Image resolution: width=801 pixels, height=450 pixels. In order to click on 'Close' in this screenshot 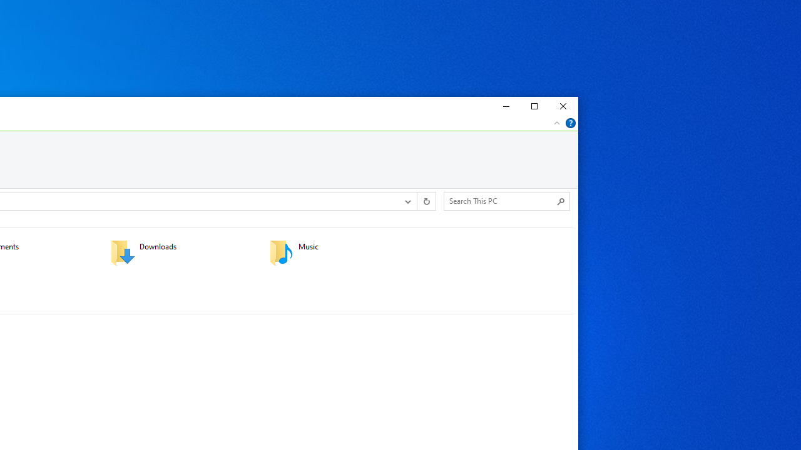, I will do `click(563, 106)`.